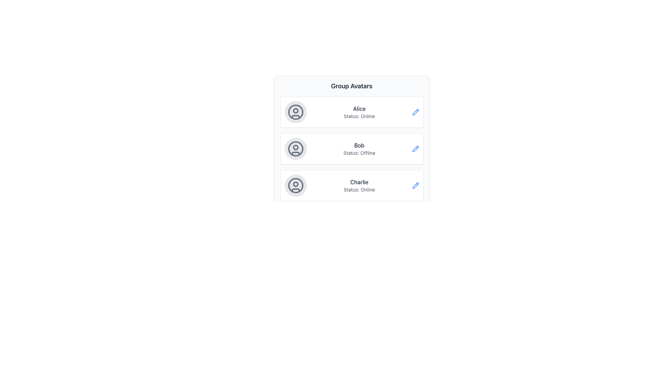 The image size is (665, 374). Describe the element at coordinates (359, 181) in the screenshot. I see `the text label displaying the user name 'Charlie', located in the third item of a vertical list of user information cards, aligned to the left of the 'Status: Online' text` at that location.